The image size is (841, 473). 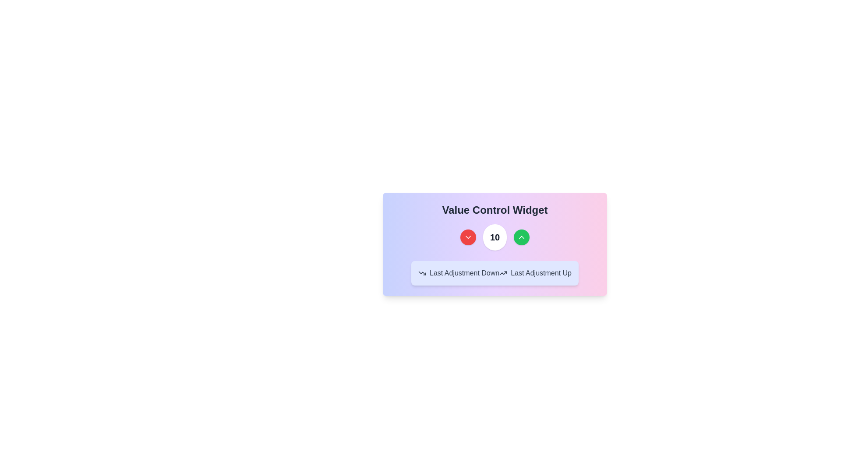 What do you see at coordinates (503, 273) in the screenshot?
I see `the arrow-shaped icon pointing upwards and to the right, which is part of the text string 'Last Adjustment Up', located at the far left of the text within the horizontal layout group` at bounding box center [503, 273].